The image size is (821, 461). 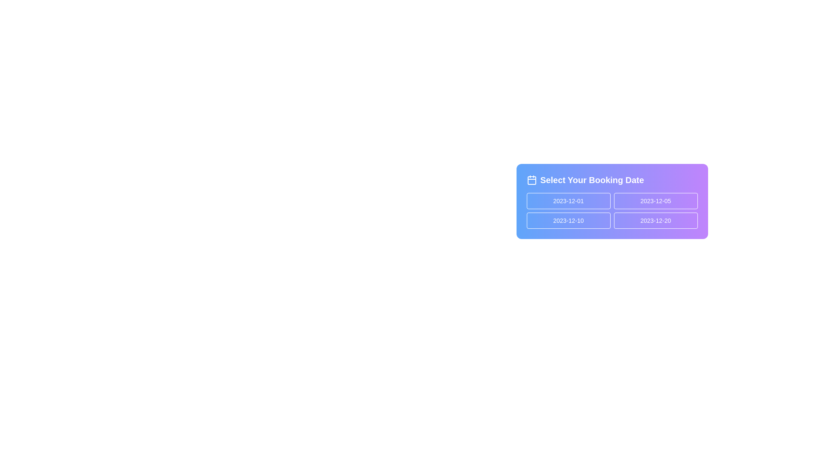 What do you see at coordinates (655, 220) in the screenshot?
I see `the rectangular button with a light purple gradient background that contains the text '2023-12-20'` at bounding box center [655, 220].